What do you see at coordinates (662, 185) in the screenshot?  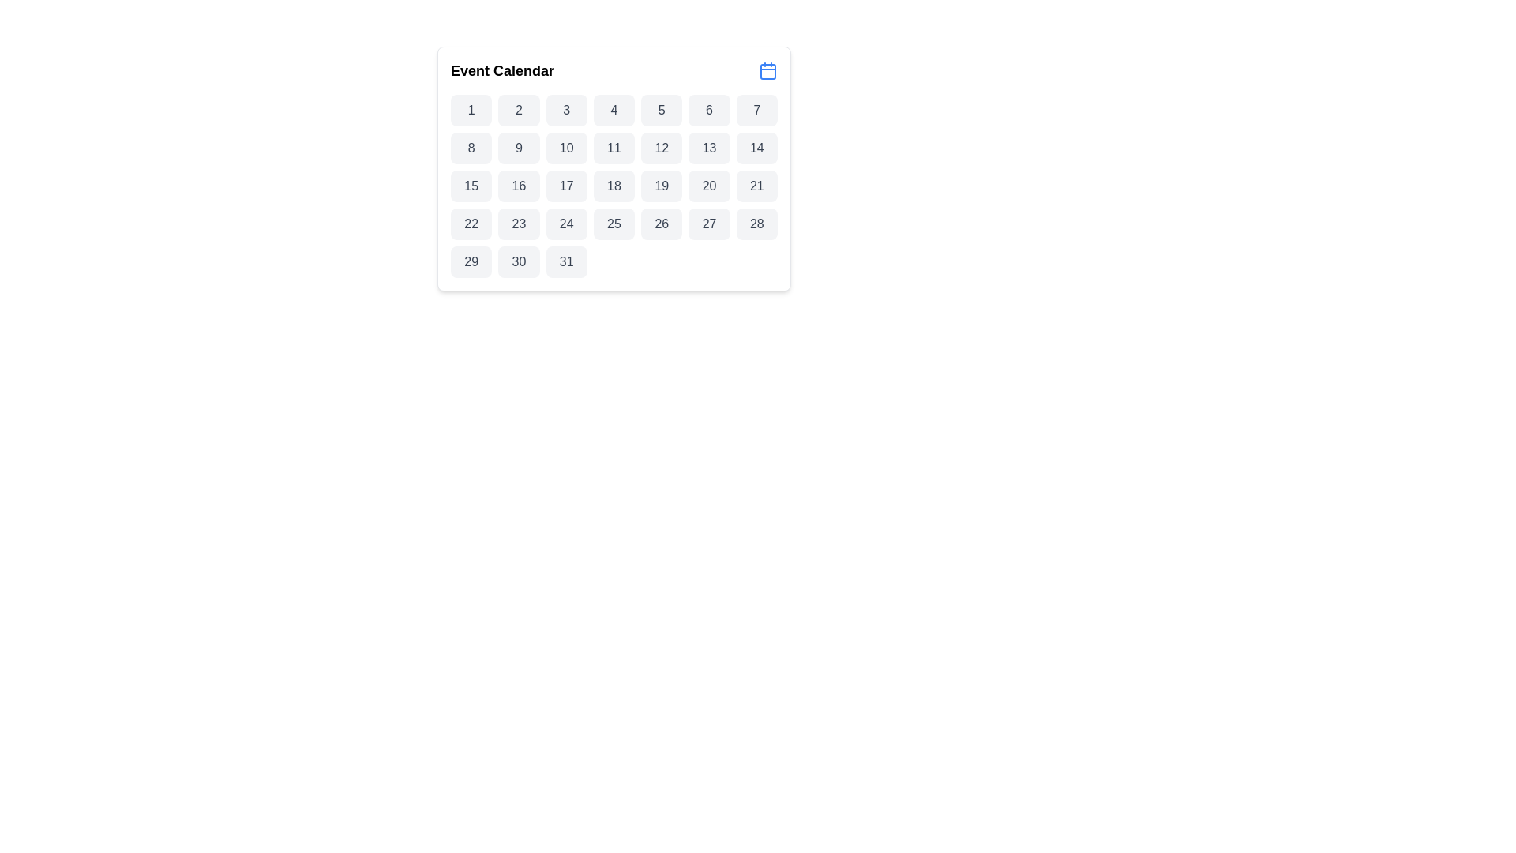 I see `the button representing the 19th day in the calendar` at bounding box center [662, 185].